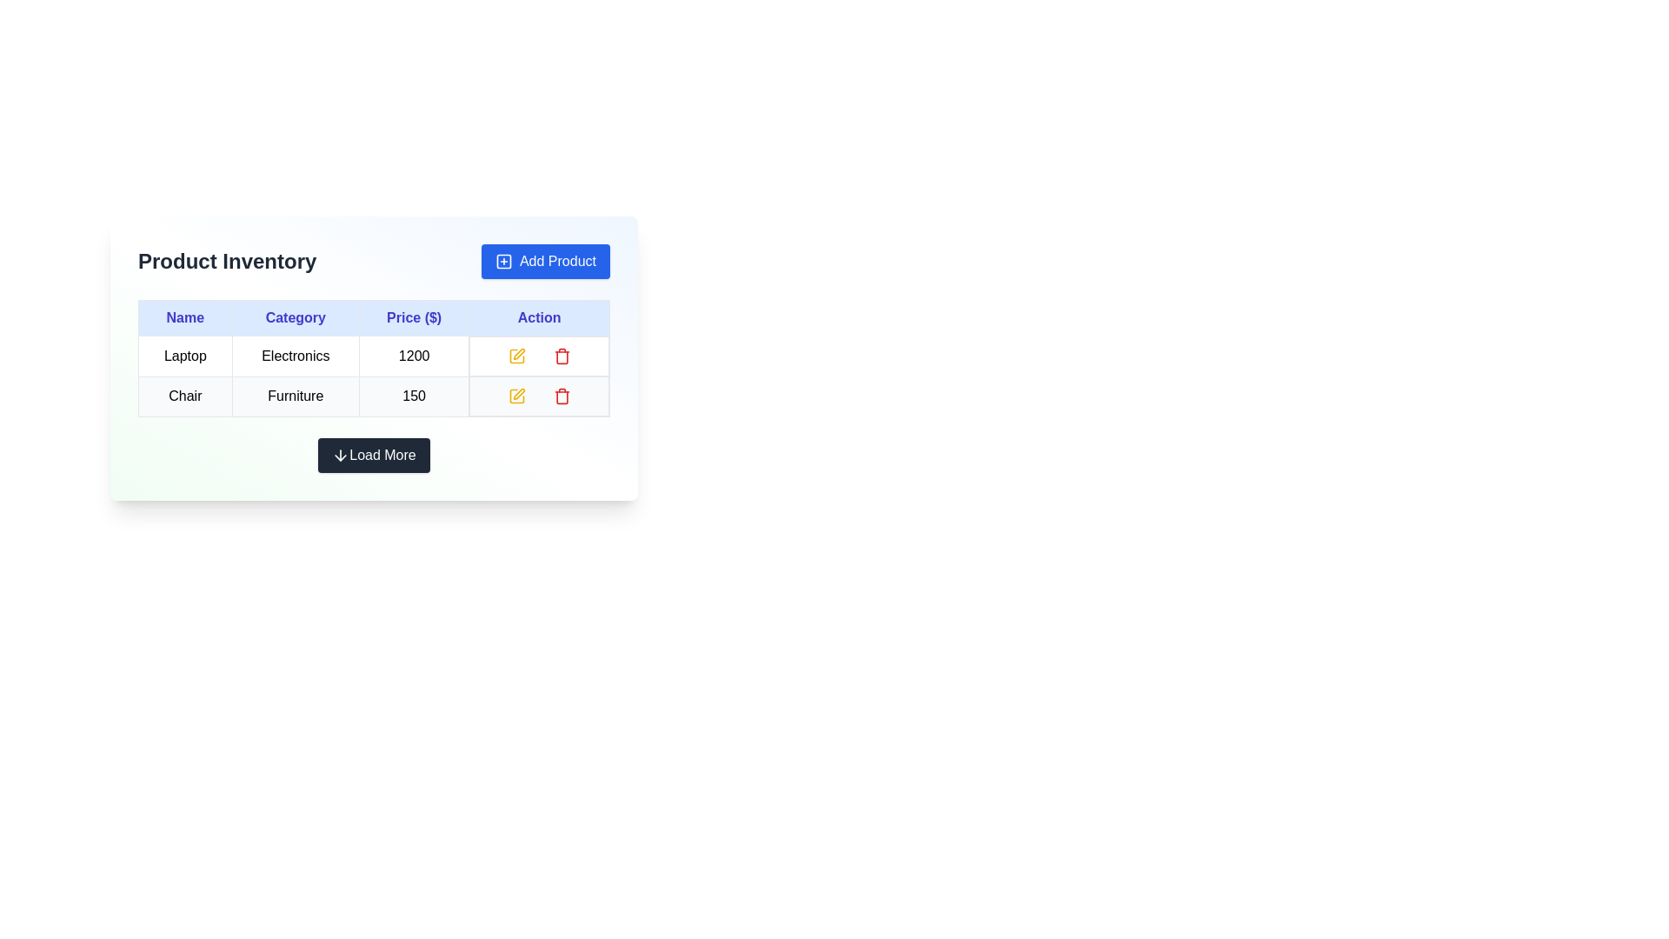 The width and height of the screenshot is (1669, 939). What do you see at coordinates (517, 353) in the screenshot?
I see `the edit icon located in the first row of the table in the 'Action' column, adjacent to the 'Edit' button for the 'Laptop' entry` at bounding box center [517, 353].